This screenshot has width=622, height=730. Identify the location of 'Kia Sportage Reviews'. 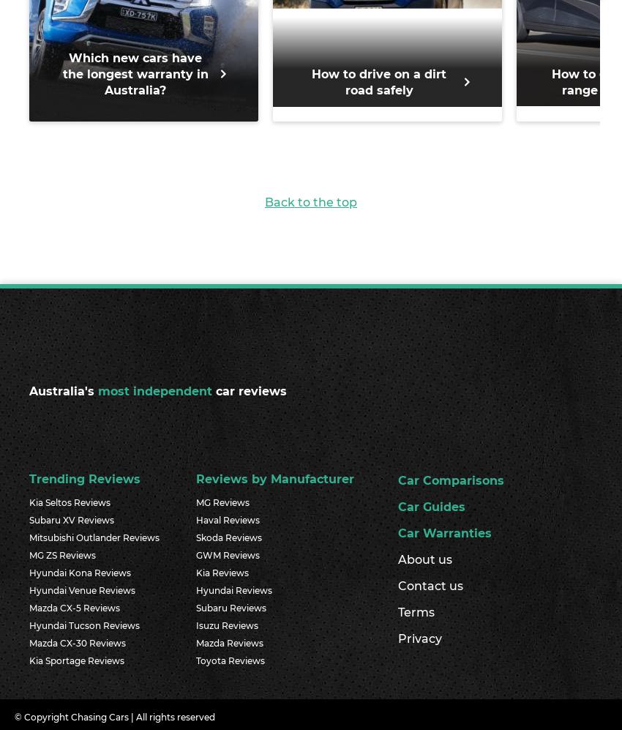
(29, 659).